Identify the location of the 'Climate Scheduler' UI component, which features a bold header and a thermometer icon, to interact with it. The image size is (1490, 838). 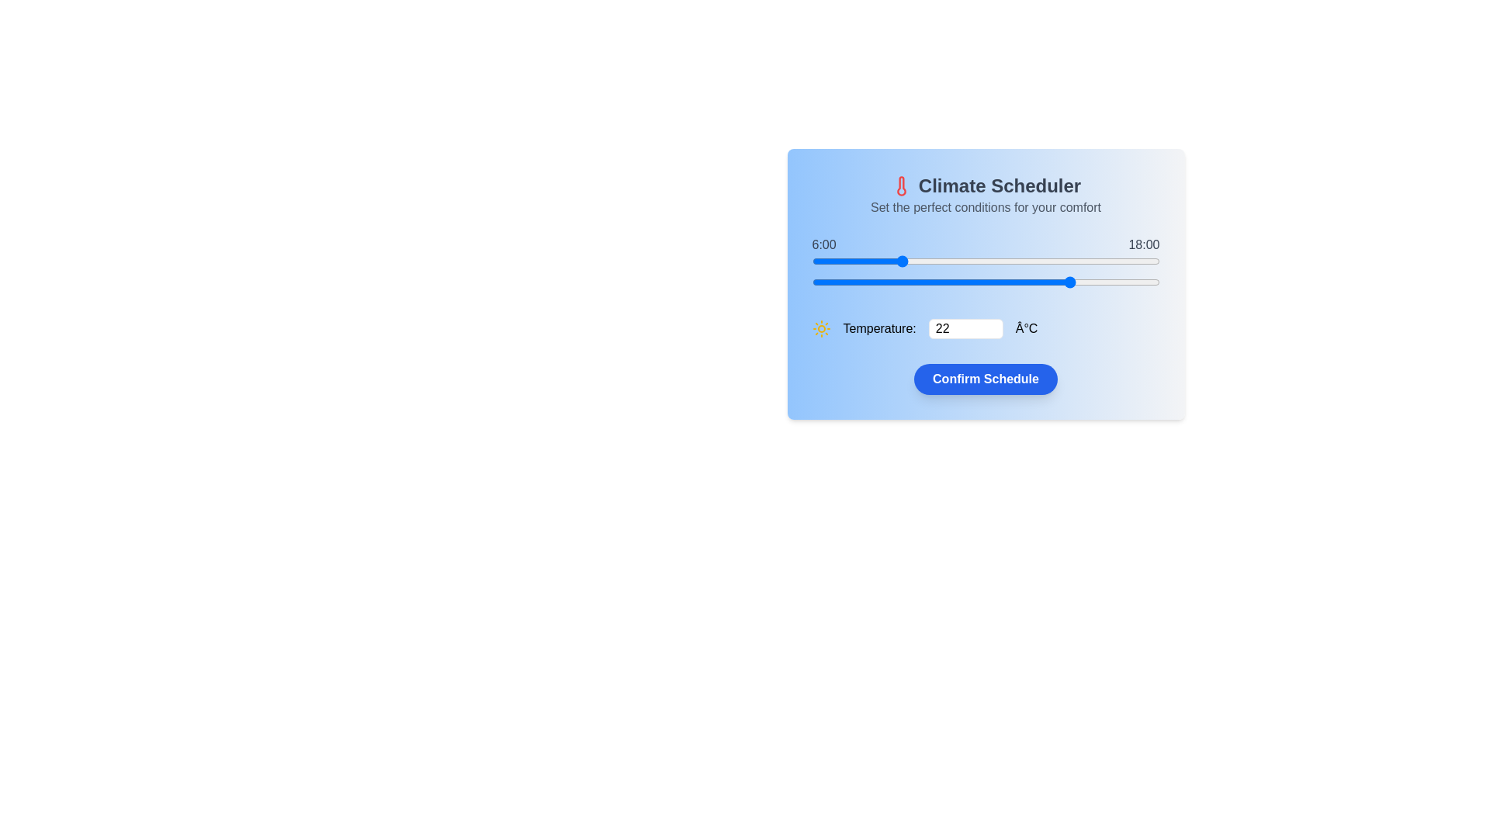
(985, 194).